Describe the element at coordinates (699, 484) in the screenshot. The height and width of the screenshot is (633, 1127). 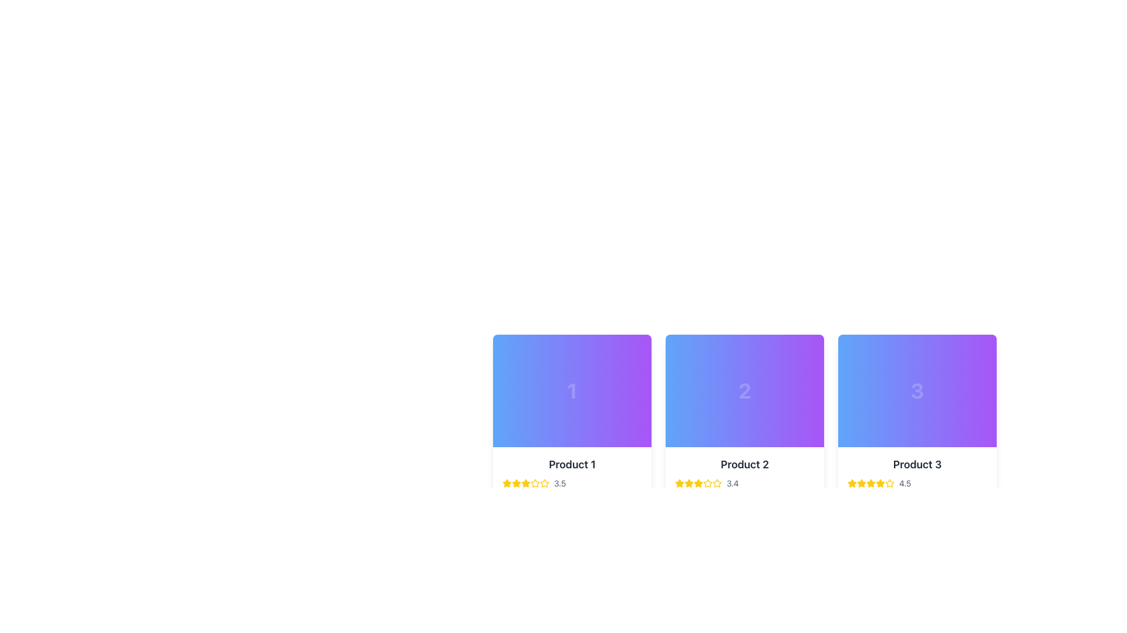
I see `the third star in the rating system located below the 'Product 2' card to rate it` at that location.